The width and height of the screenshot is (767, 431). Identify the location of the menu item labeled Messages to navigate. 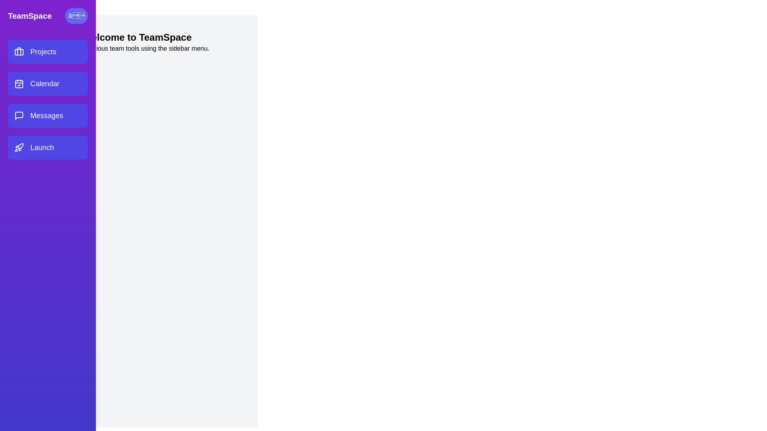
(48, 115).